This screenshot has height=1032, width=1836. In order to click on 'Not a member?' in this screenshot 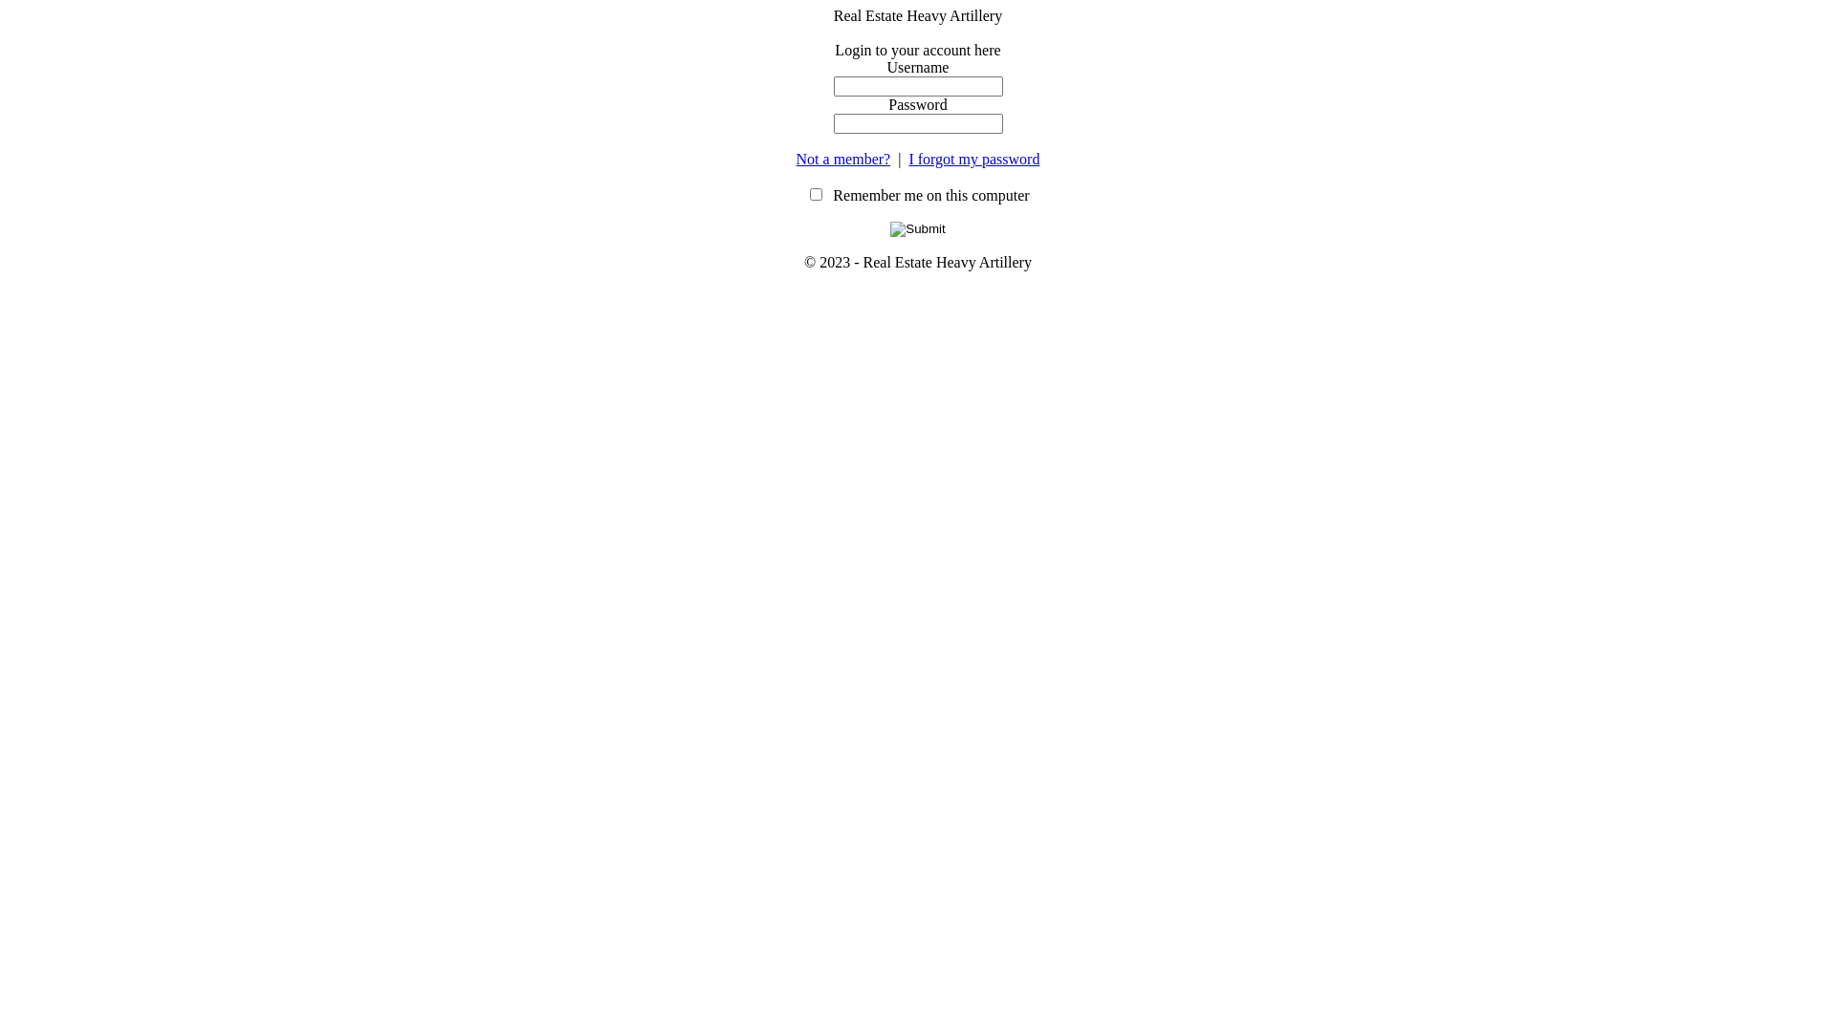, I will do `click(842, 158)`.